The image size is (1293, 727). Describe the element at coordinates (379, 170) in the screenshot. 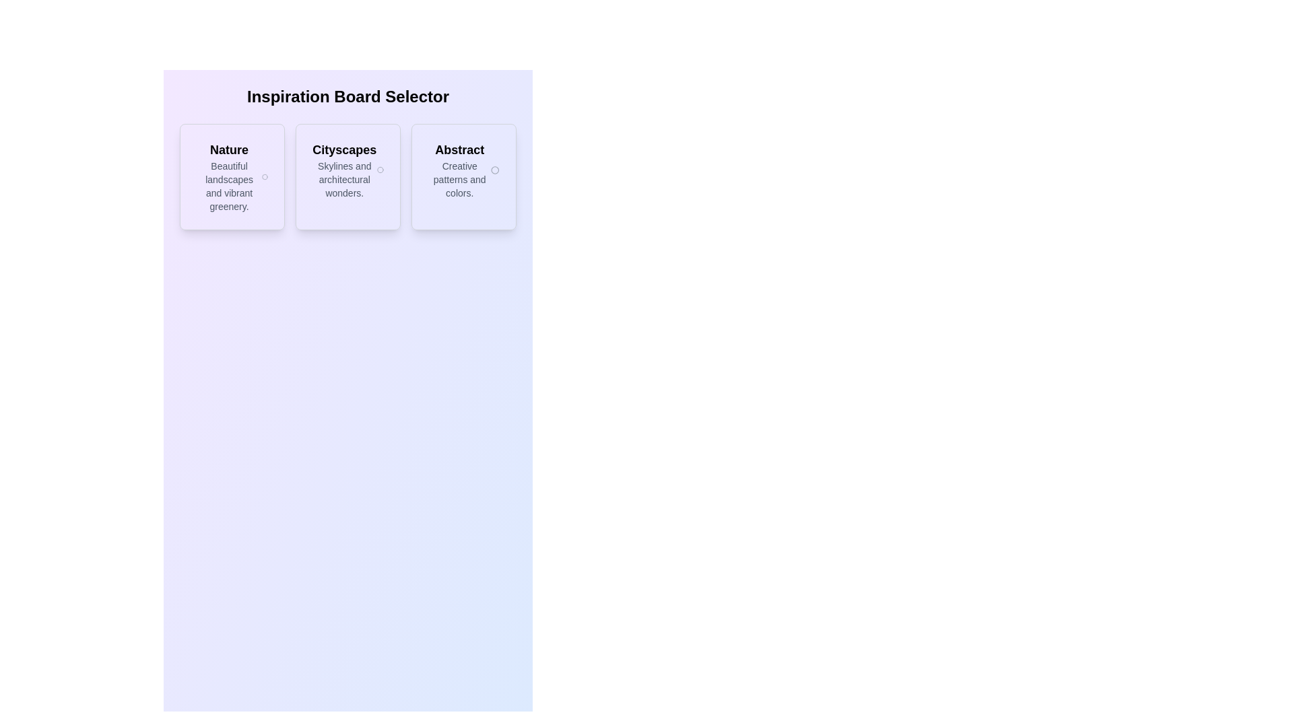

I see `the 'Cityscapes' radio button located in the middle card of the 'Inspiration Board Selector', aligned to the right side and vertically centered to the text 'Skylines and architectural wonders'` at that location.